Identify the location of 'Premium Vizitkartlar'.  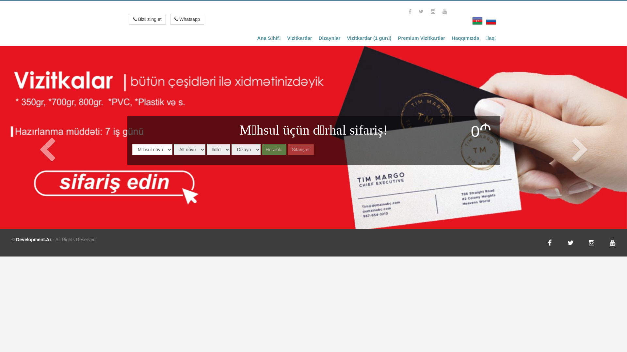
(421, 38).